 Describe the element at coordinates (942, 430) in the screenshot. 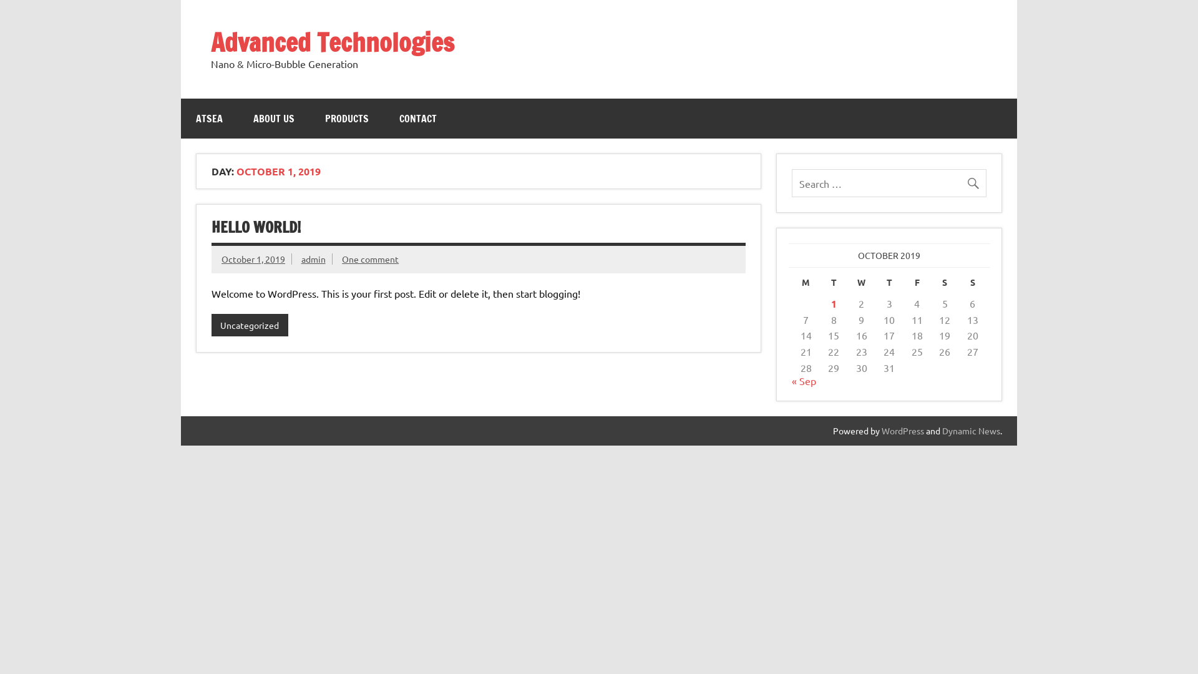

I see `'Dynamic News'` at that location.